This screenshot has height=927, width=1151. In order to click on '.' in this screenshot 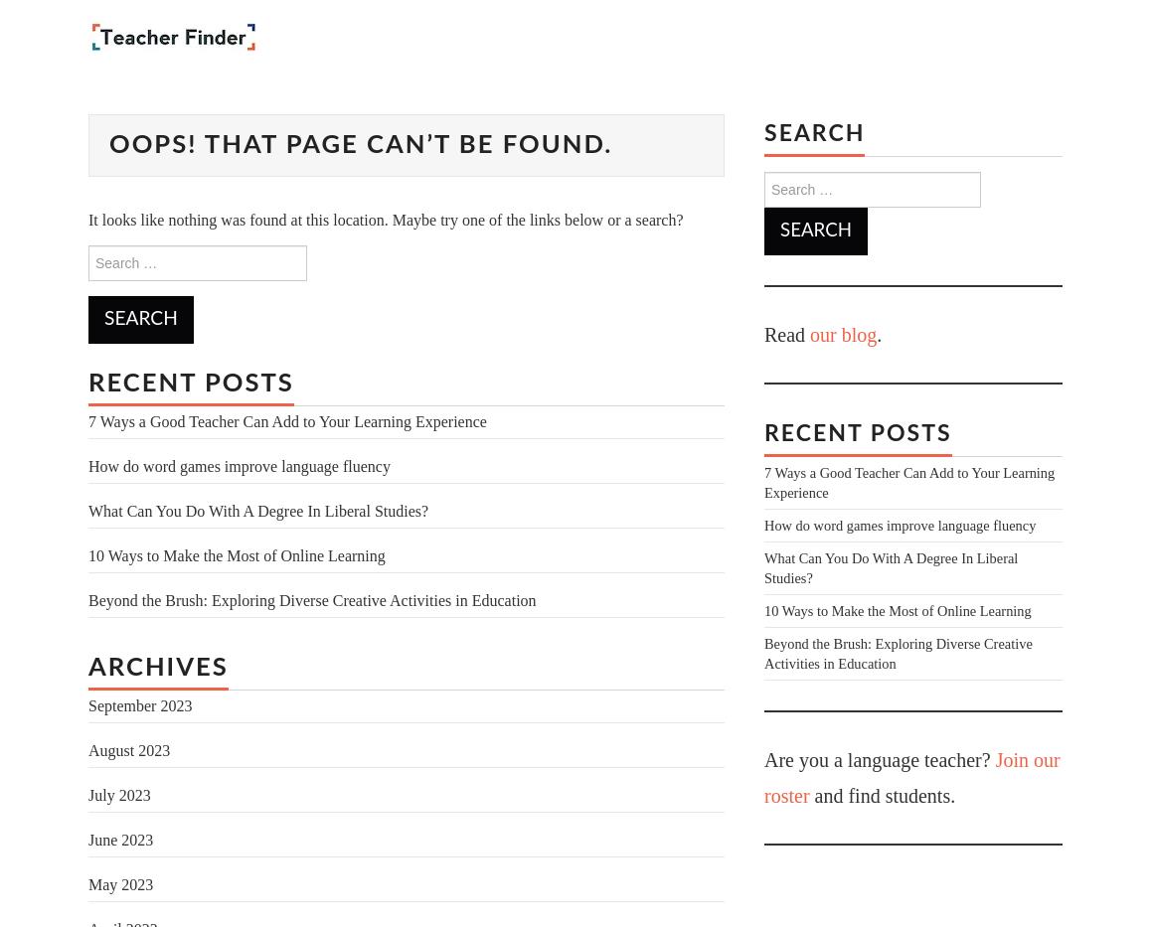, I will do `click(877, 333)`.